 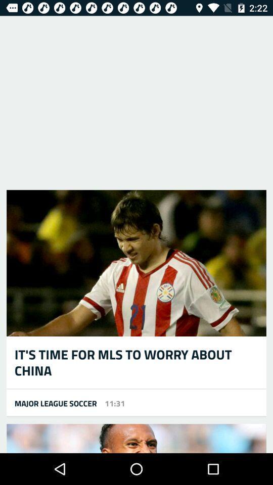 I want to click on the icon to the left of 11:31 icon, so click(x=52, y=403).